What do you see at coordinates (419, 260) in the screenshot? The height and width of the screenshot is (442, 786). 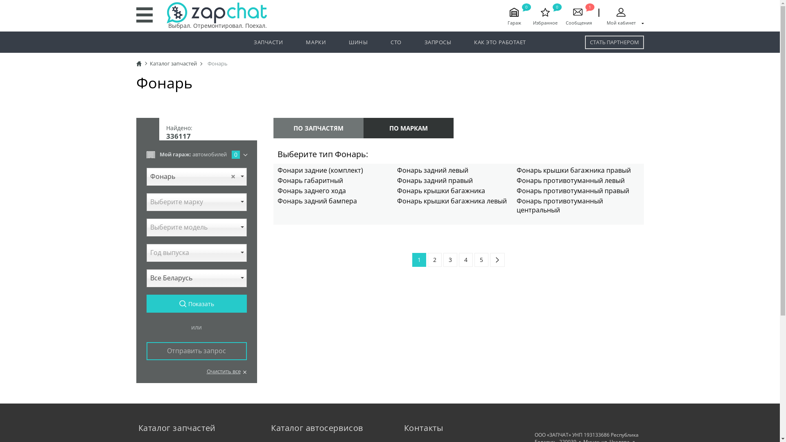 I see `'1'` at bounding box center [419, 260].